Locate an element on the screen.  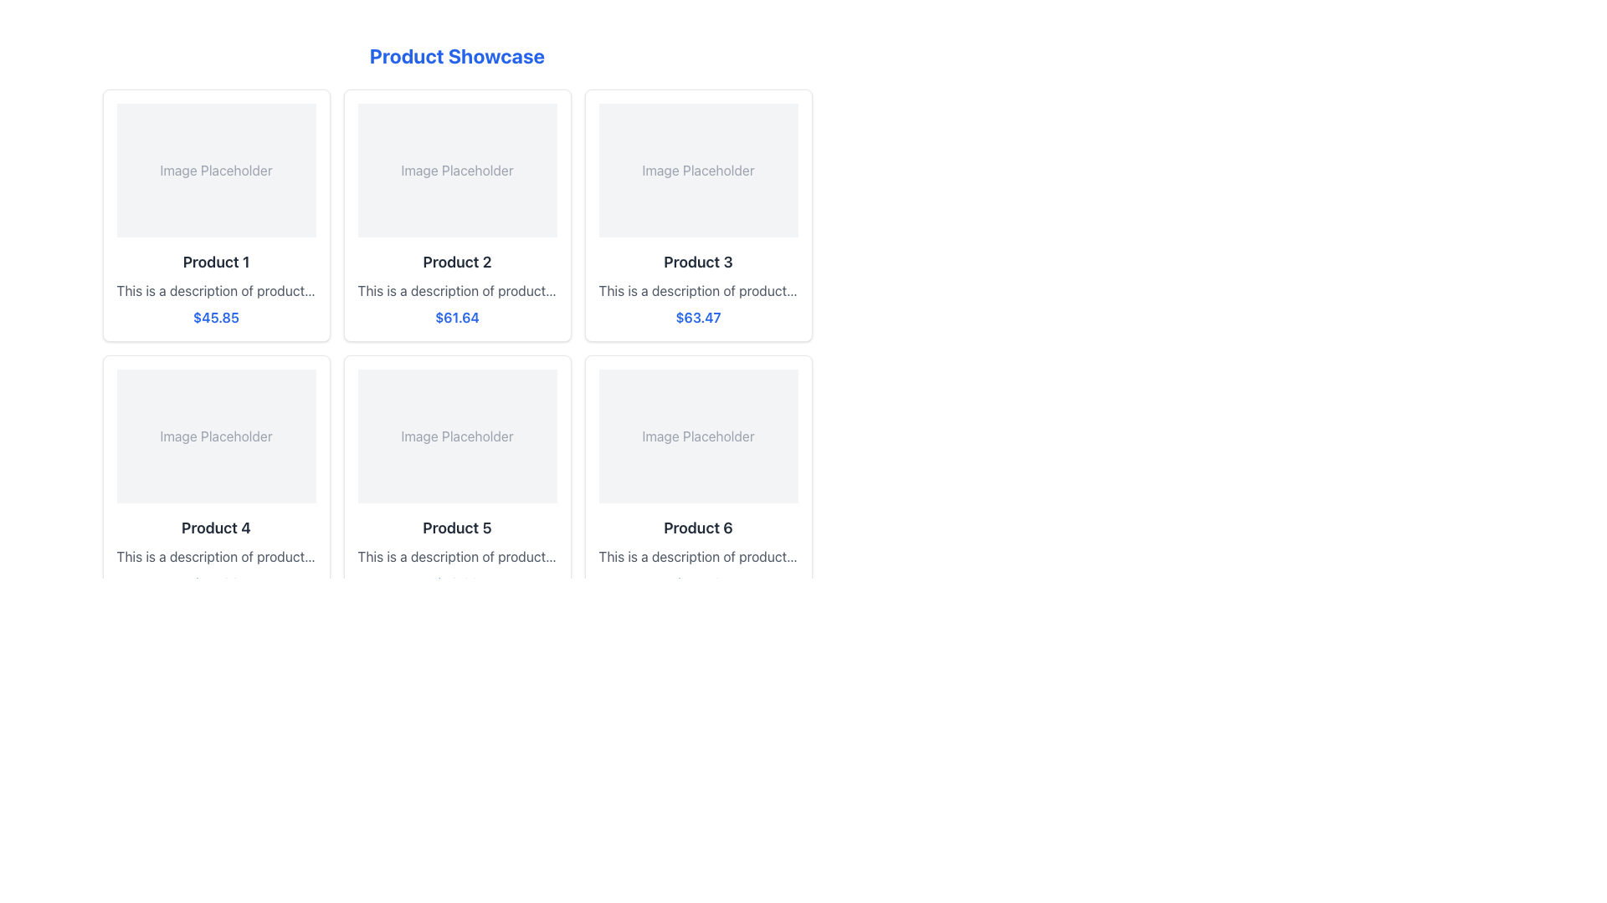
the 'Image Placeholder' section in the upper portion of the 'Product 6' card to add or replace the image is located at coordinates (698, 435).